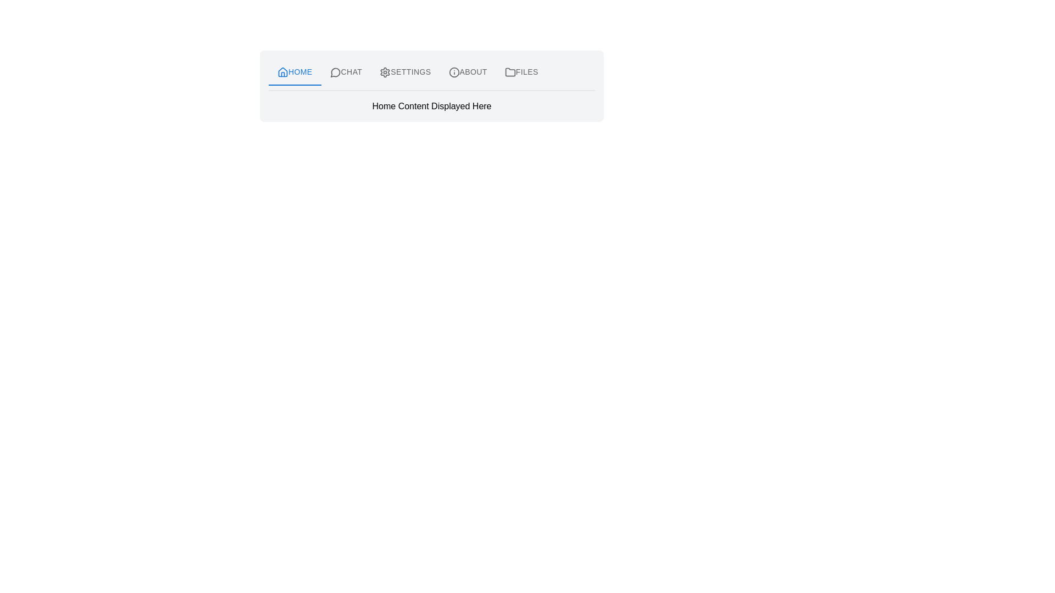 This screenshot has height=593, width=1055. Describe the element at coordinates (404, 72) in the screenshot. I see `the 'Settings' tab` at that location.